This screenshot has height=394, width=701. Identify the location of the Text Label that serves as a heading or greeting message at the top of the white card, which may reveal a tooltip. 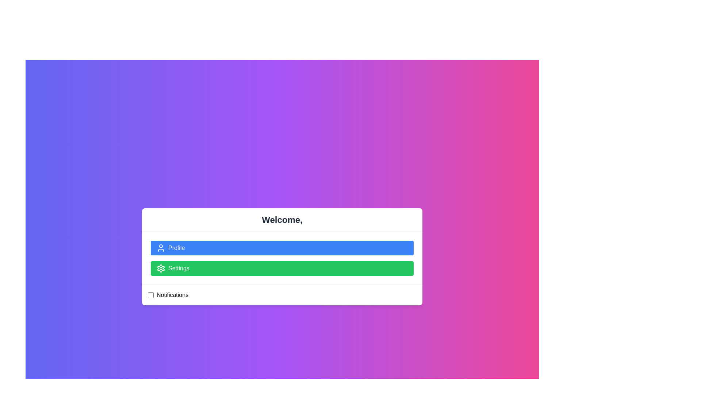
(281, 219).